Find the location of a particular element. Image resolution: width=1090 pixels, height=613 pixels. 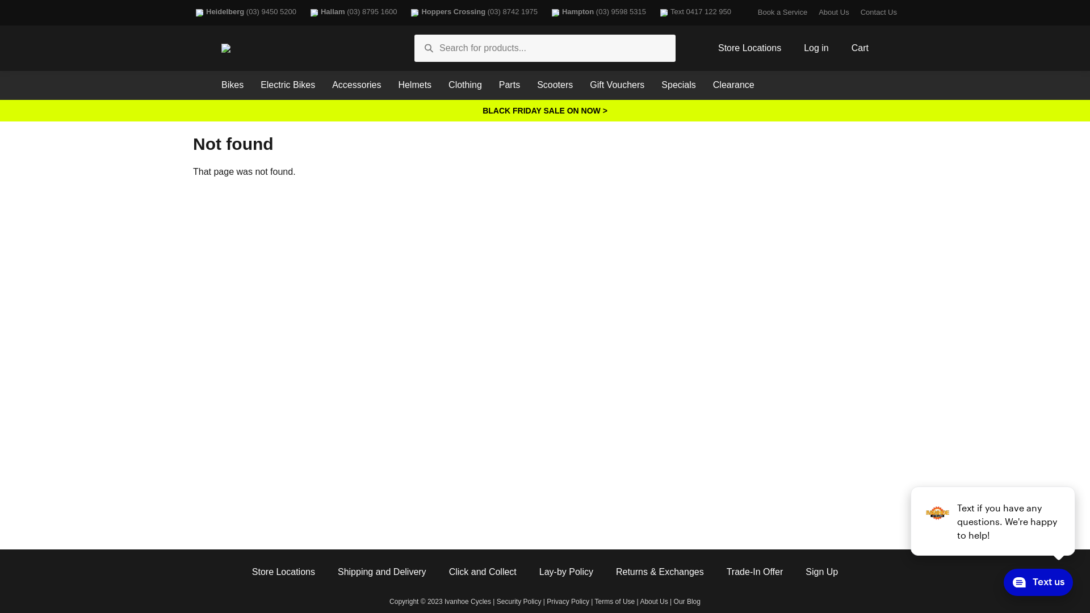

'Book a Service' is located at coordinates (782, 12).